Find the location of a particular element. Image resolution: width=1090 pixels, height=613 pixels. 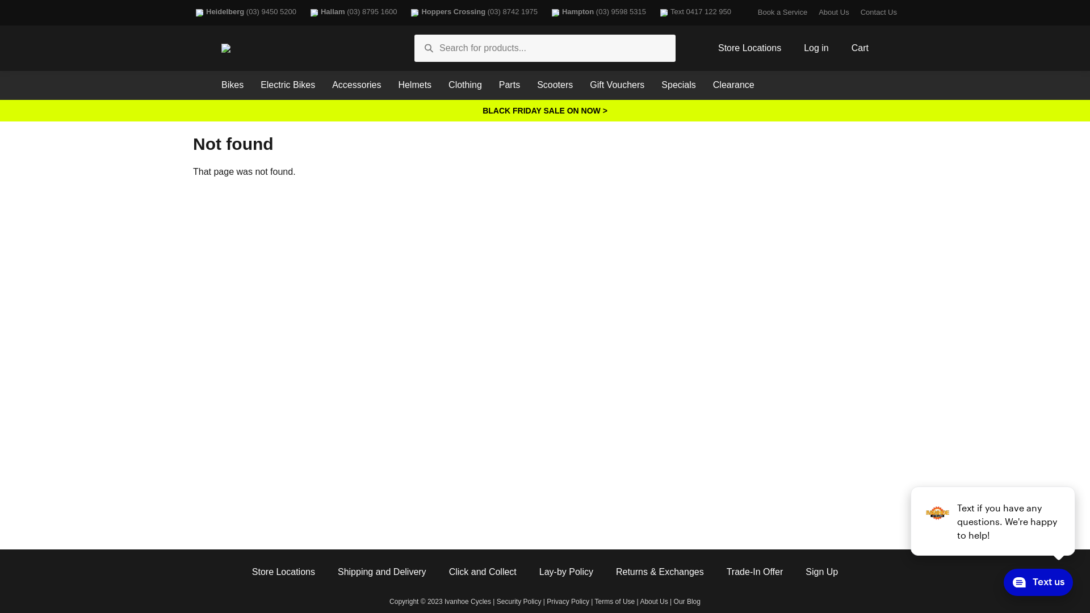

'Book a Service' is located at coordinates (782, 12).